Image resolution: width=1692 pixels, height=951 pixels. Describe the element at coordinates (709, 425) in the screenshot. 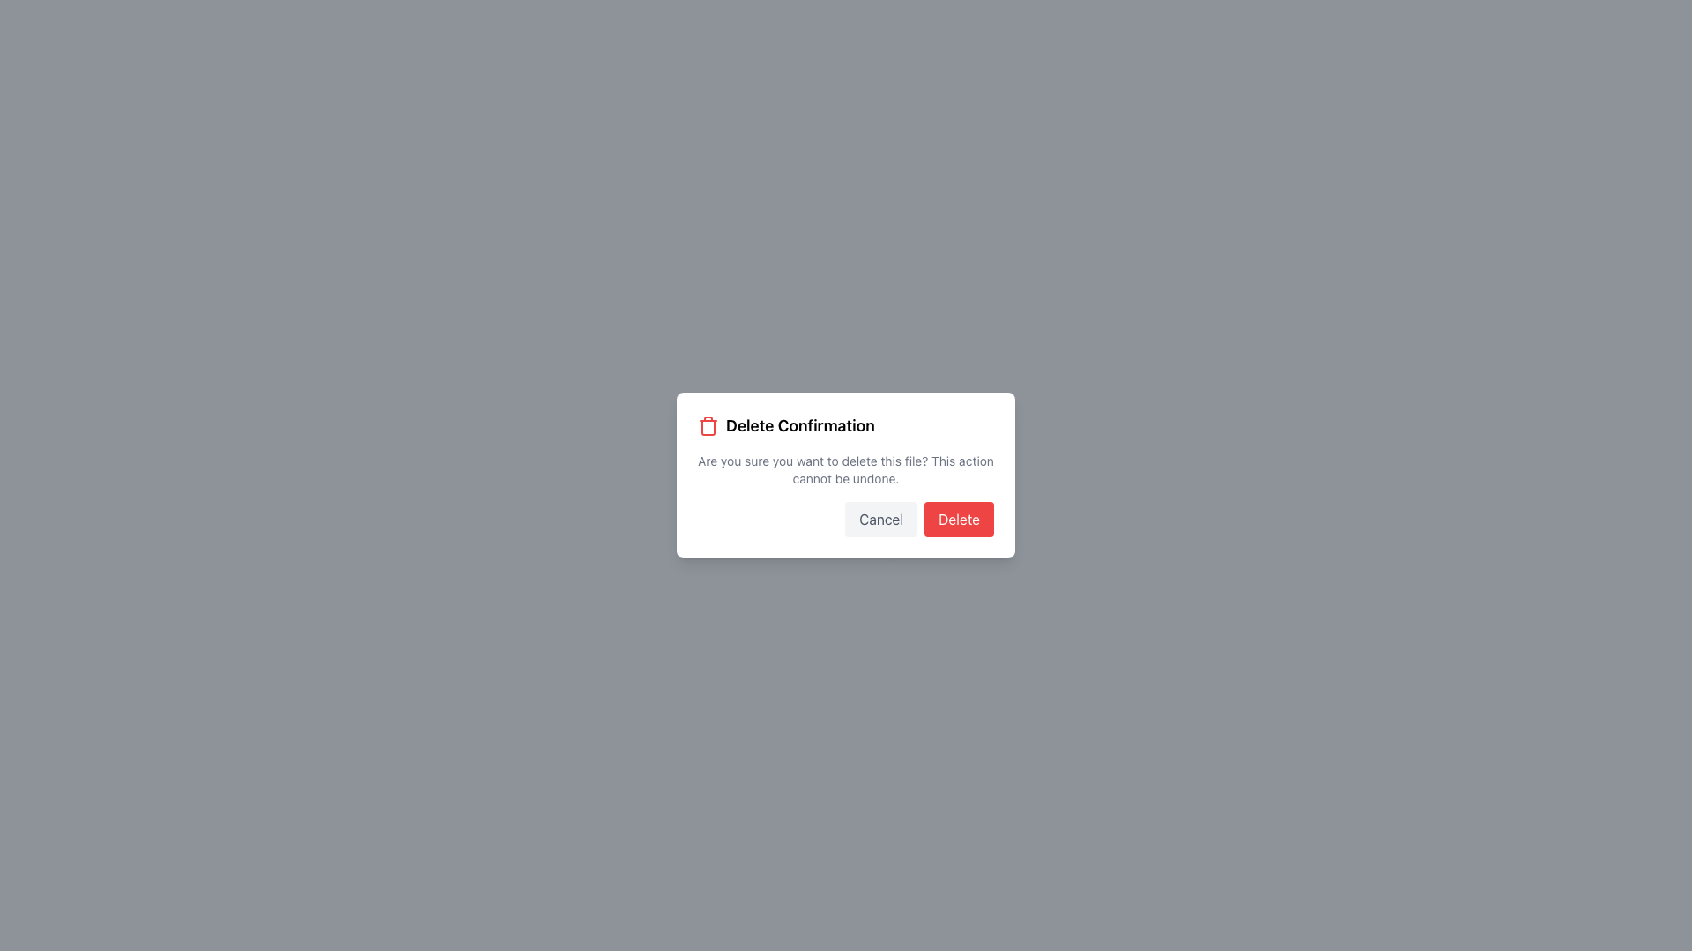

I see `the red trash can icon that indicates a delete action, located to the left of the 'Delete Confirmation' text in the dialog box's title section` at that location.